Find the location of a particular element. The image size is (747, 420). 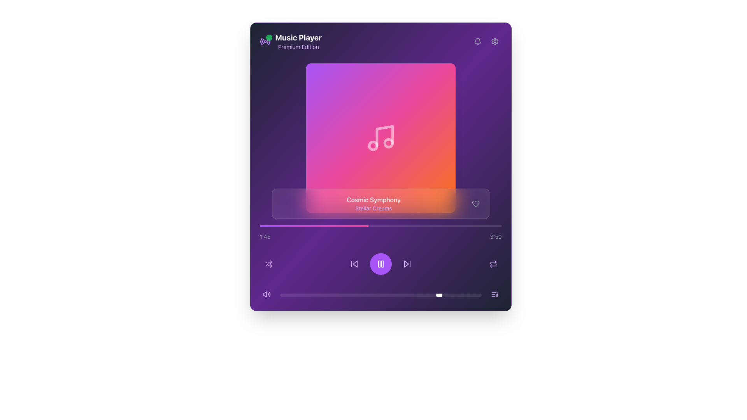

text label displaying 'Cosmic Symphony', which is centrally located beneath the album cover image and above the subtitle 'Stellar Dreams' is located at coordinates (373, 199).